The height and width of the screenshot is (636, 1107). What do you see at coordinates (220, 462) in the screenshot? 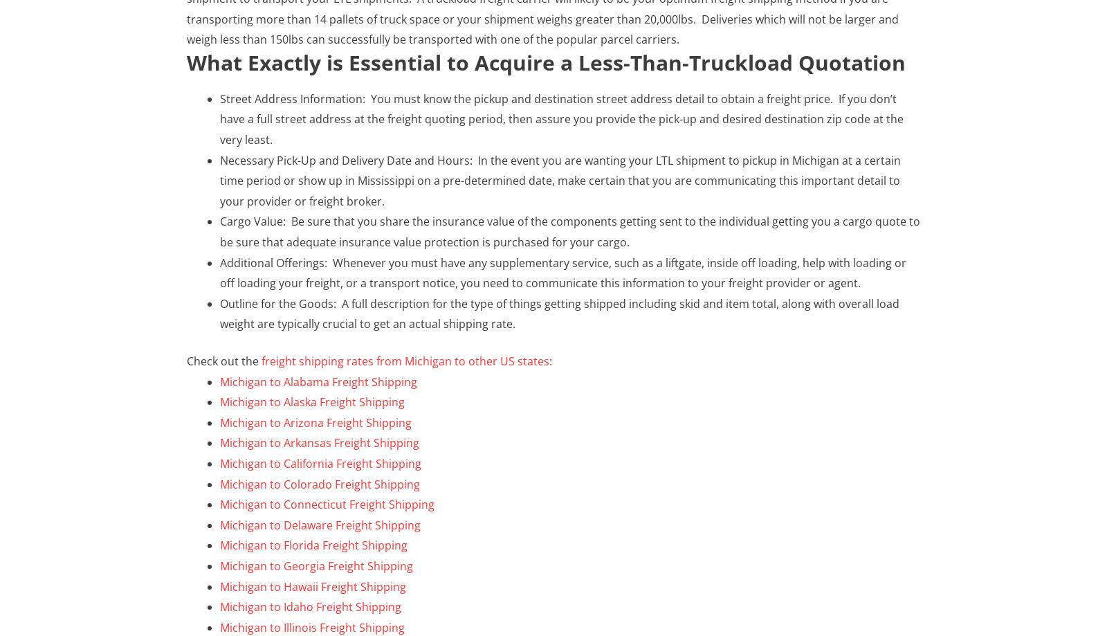
I see `'Michigan to California Freight Shipping'` at bounding box center [220, 462].